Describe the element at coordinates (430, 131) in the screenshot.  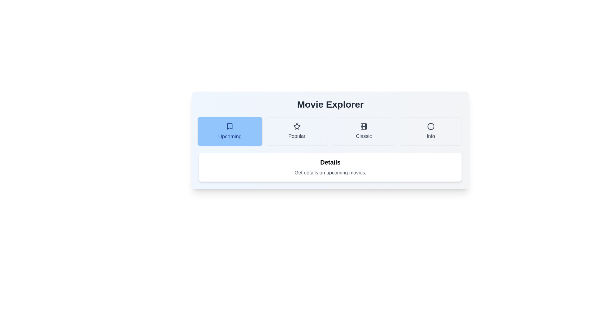
I see `the 'Info' button` at that location.